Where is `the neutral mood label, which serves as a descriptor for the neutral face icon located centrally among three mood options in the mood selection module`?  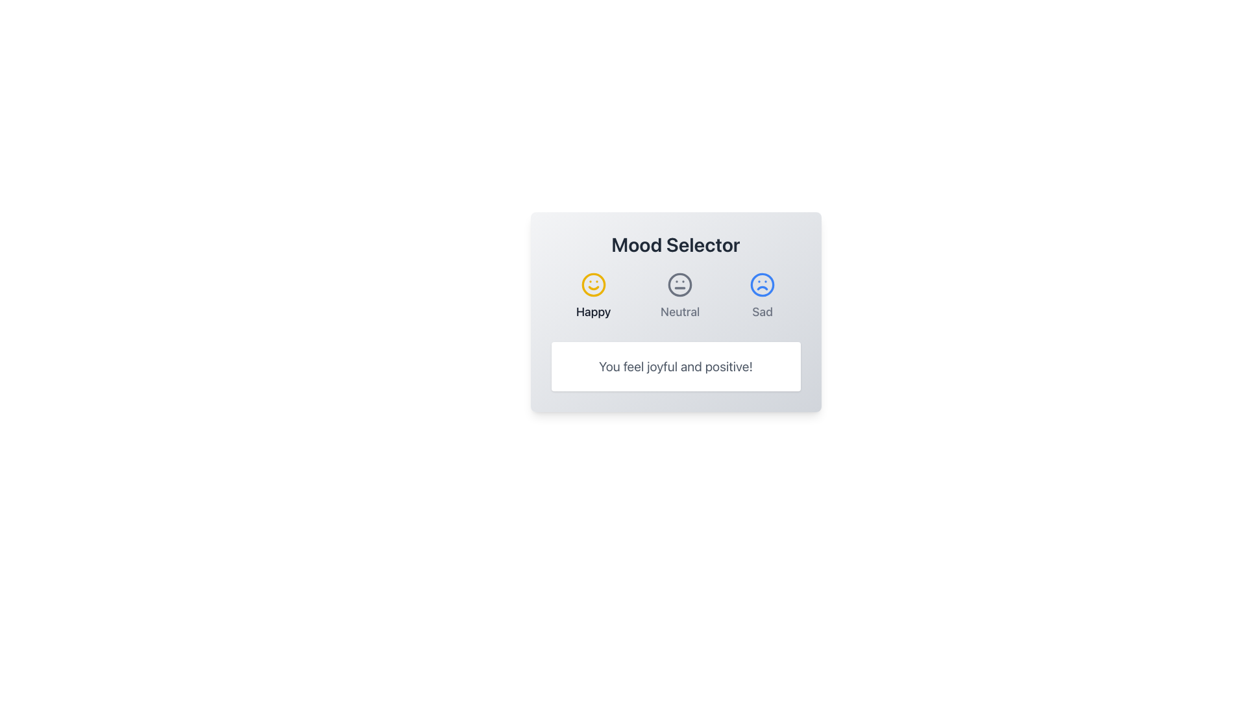 the neutral mood label, which serves as a descriptor for the neutral face icon located centrally among three mood options in the mood selection module is located at coordinates (679, 312).